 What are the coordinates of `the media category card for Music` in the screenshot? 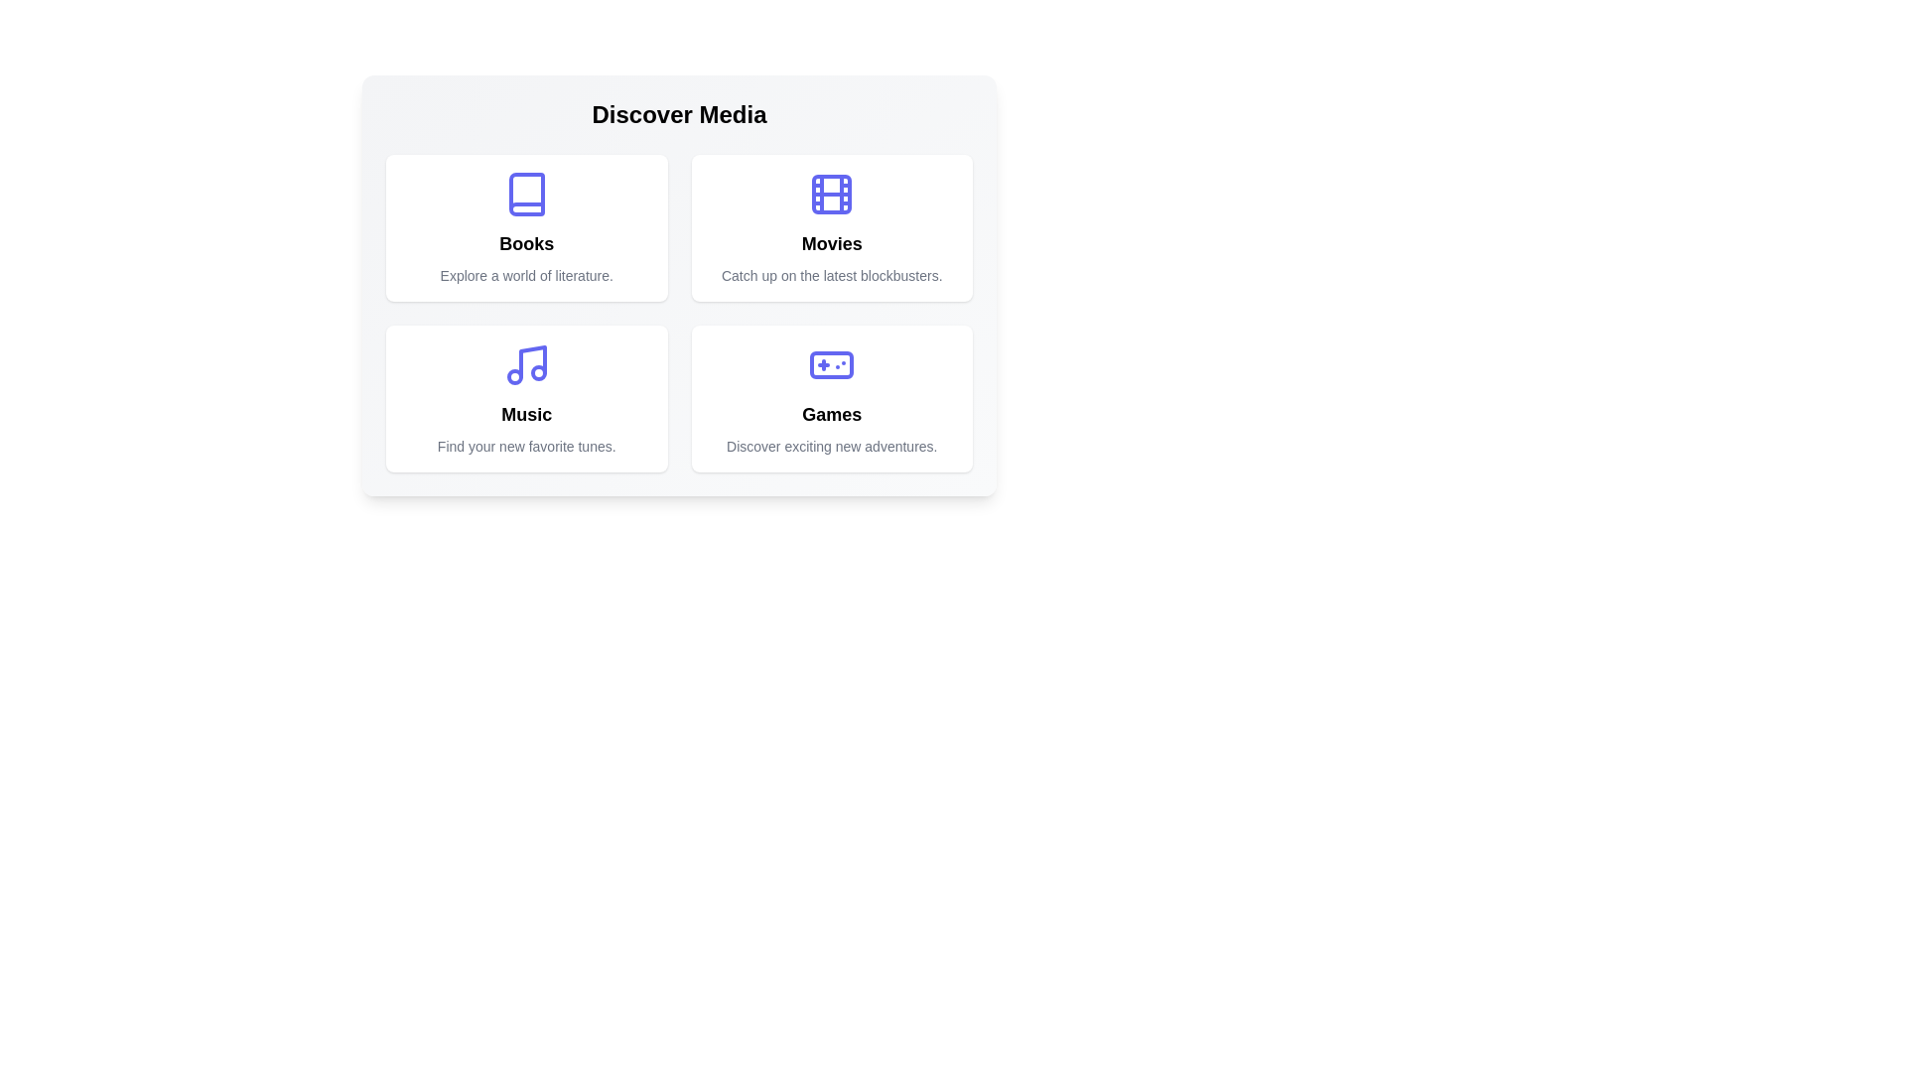 It's located at (526, 398).